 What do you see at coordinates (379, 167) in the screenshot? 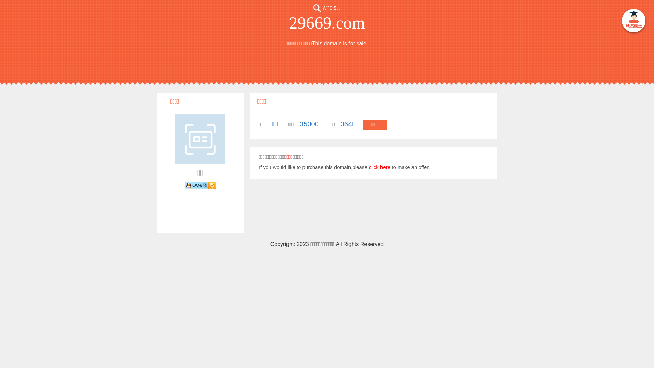
I see `'click here'` at bounding box center [379, 167].